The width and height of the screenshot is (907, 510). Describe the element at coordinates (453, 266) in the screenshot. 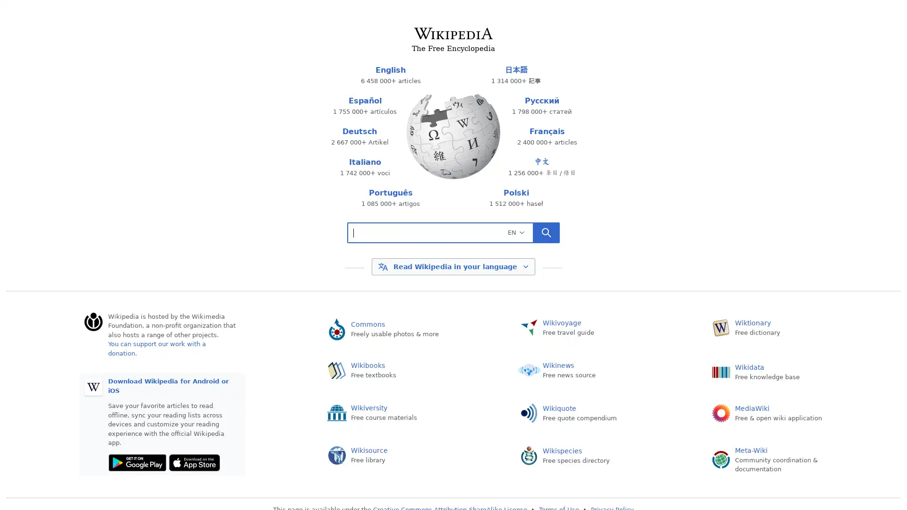

I see `Read Wikipedia in your language` at that location.